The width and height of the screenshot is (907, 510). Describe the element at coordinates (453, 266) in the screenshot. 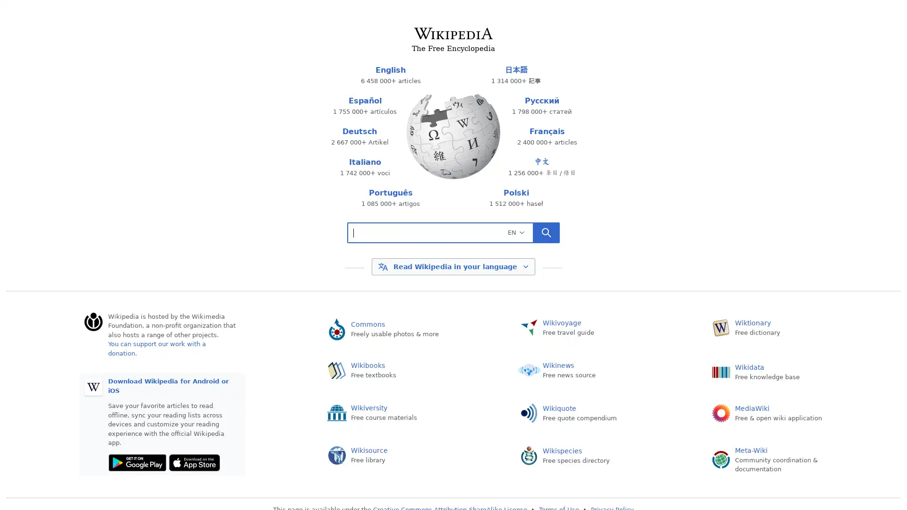

I see `Read Wikipedia in your language` at that location.